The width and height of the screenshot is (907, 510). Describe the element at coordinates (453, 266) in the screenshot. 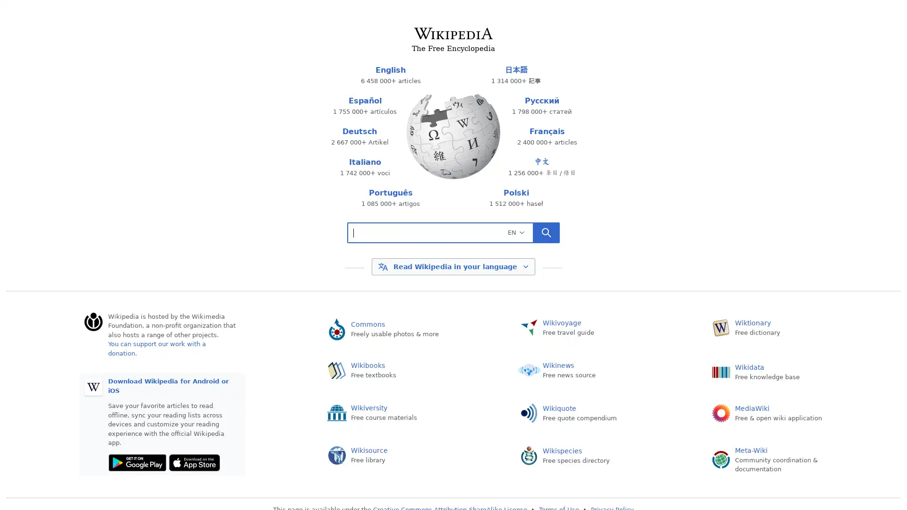

I see `Read Wikipedia in your language` at that location.